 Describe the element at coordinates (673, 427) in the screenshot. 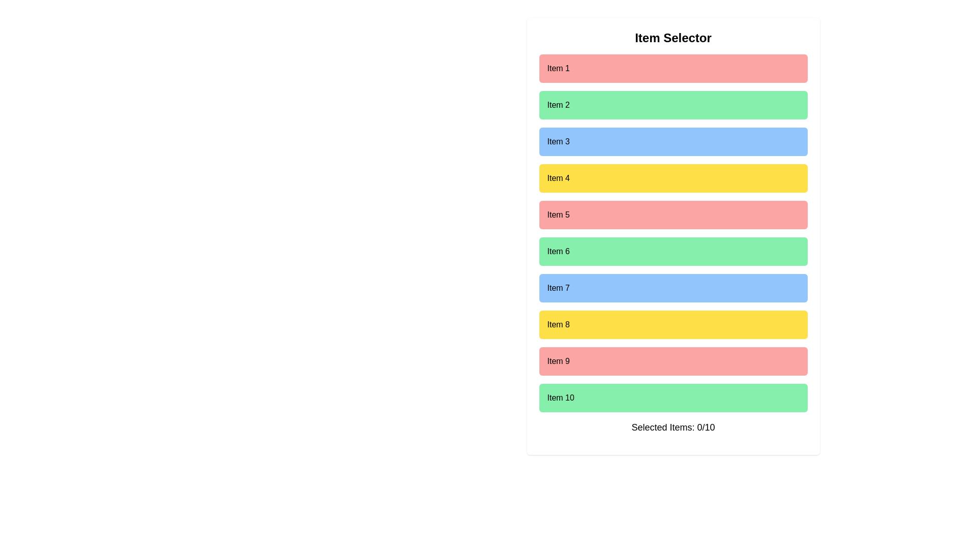

I see `the text label that indicates the number of items selected out of the total available items, located at the bottom of the 'Item Selector' card` at that location.